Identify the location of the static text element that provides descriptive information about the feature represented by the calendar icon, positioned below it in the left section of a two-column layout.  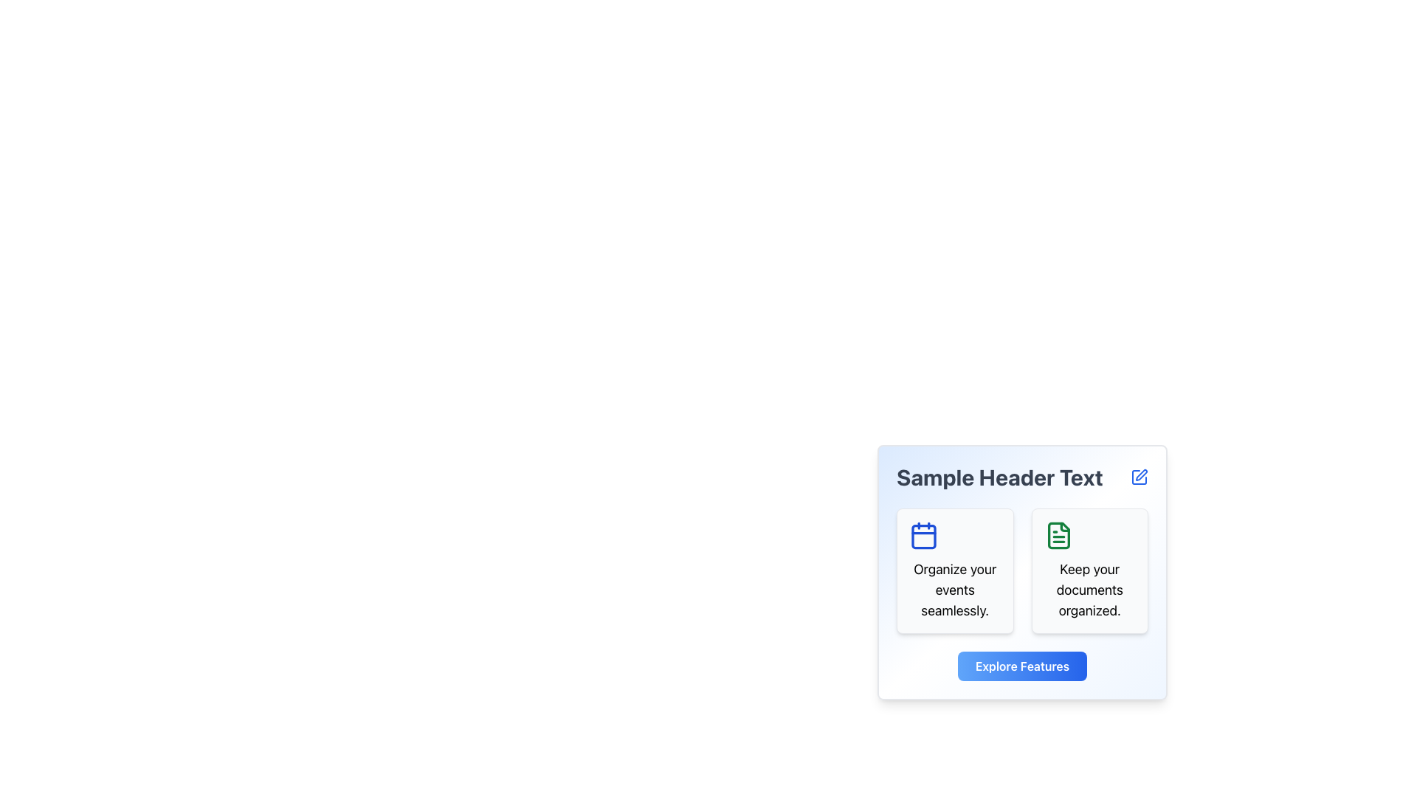
(955, 589).